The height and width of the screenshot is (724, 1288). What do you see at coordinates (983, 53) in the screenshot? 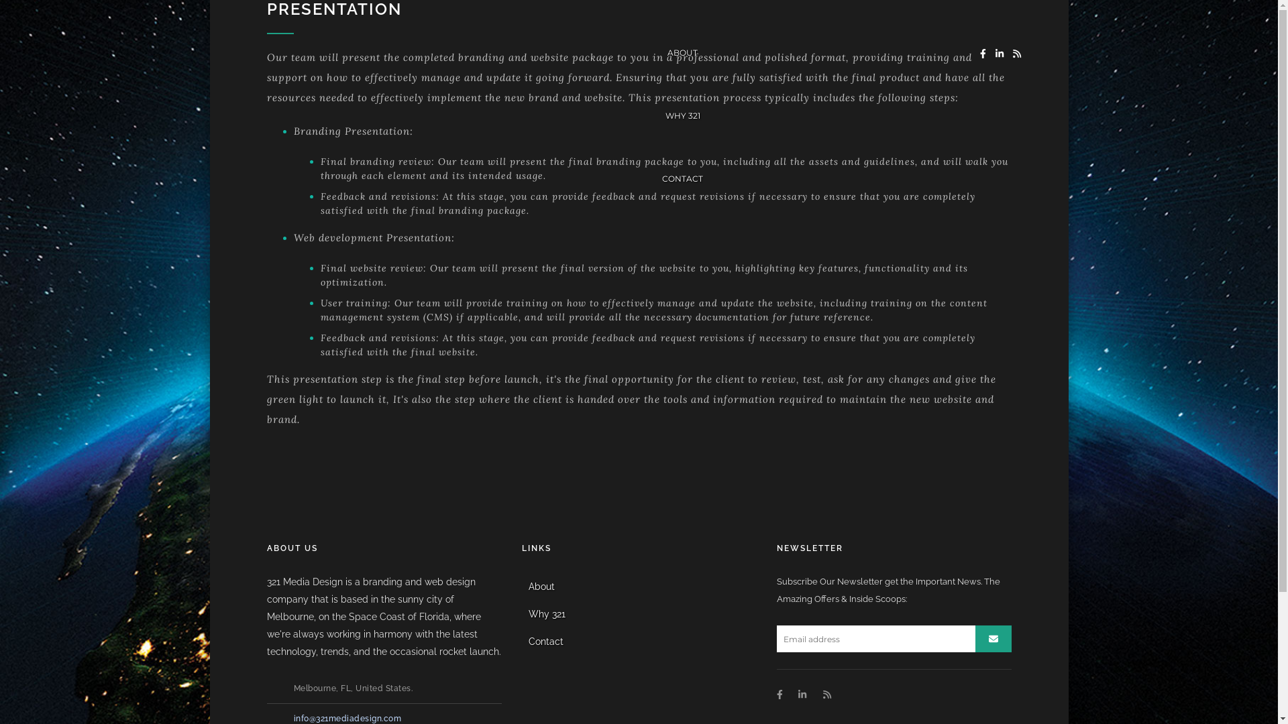
I see `'Facebook'` at bounding box center [983, 53].